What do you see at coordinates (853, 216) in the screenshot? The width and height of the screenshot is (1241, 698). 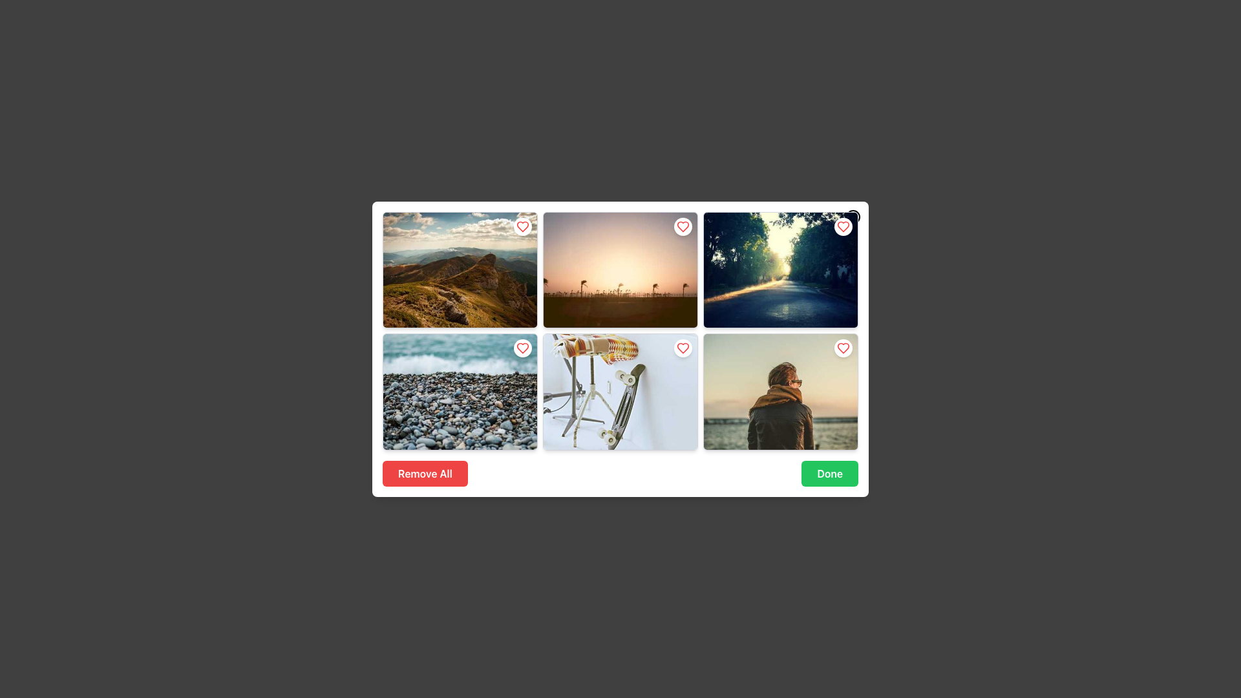 I see `the circular vector graphic element located in the upper-right corner of the rightmost image in the second row of a grid layout, which is styled with a thin stroke and contains a cross inside` at bounding box center [853, 216].